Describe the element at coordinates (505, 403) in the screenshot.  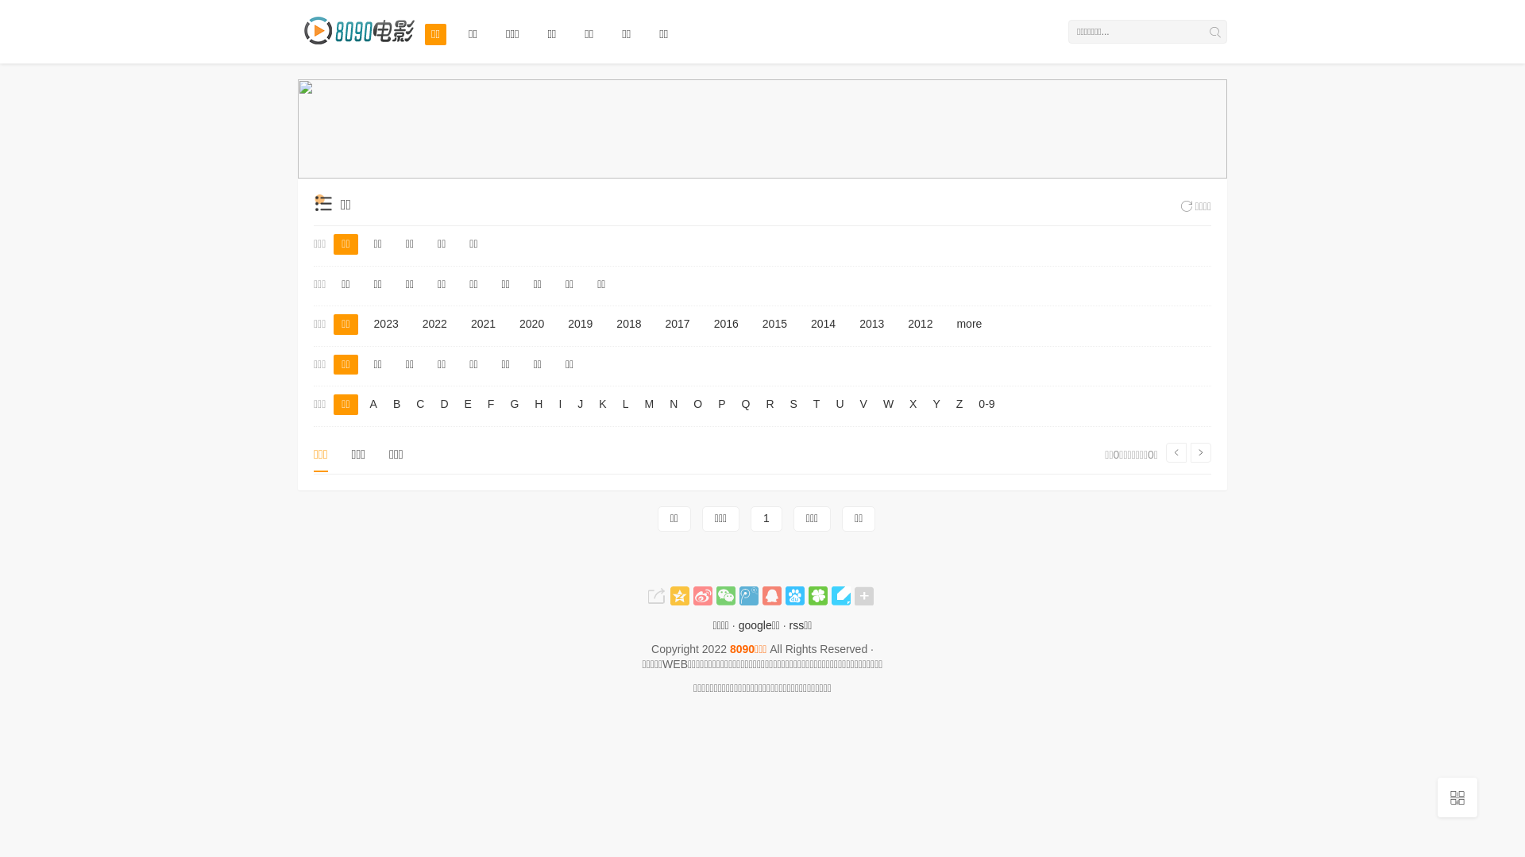
I see `'G'` at that location.